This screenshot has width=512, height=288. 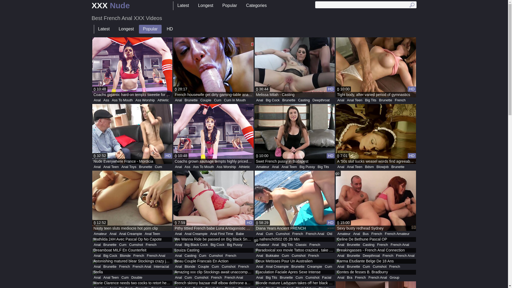 What do you see at coordinates (196, 245) in the screenshot?
I see `'Big Black Cock'` at bounding box center [196, 245].